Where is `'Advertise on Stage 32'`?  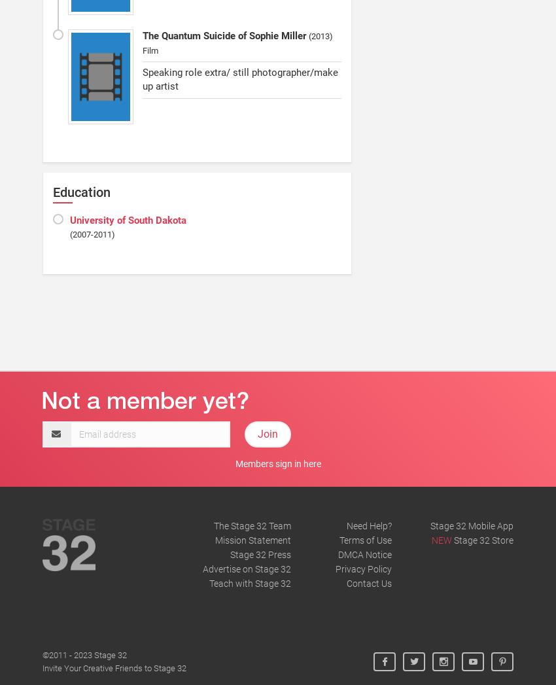
'Advertise on Stage 32' is located at coordinates (201, 568).